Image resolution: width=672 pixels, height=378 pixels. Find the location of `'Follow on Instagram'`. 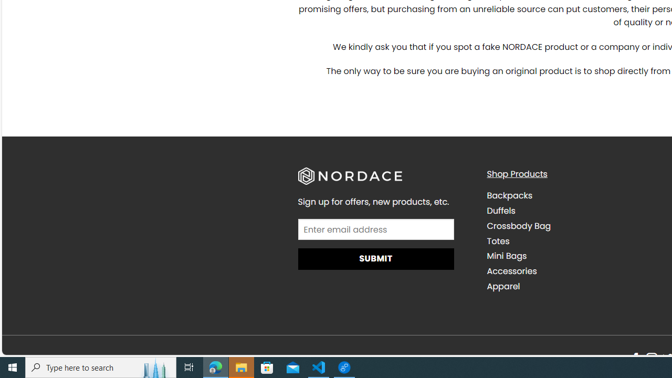

'Follow on Instagram' is located at coordinates (651, 359).